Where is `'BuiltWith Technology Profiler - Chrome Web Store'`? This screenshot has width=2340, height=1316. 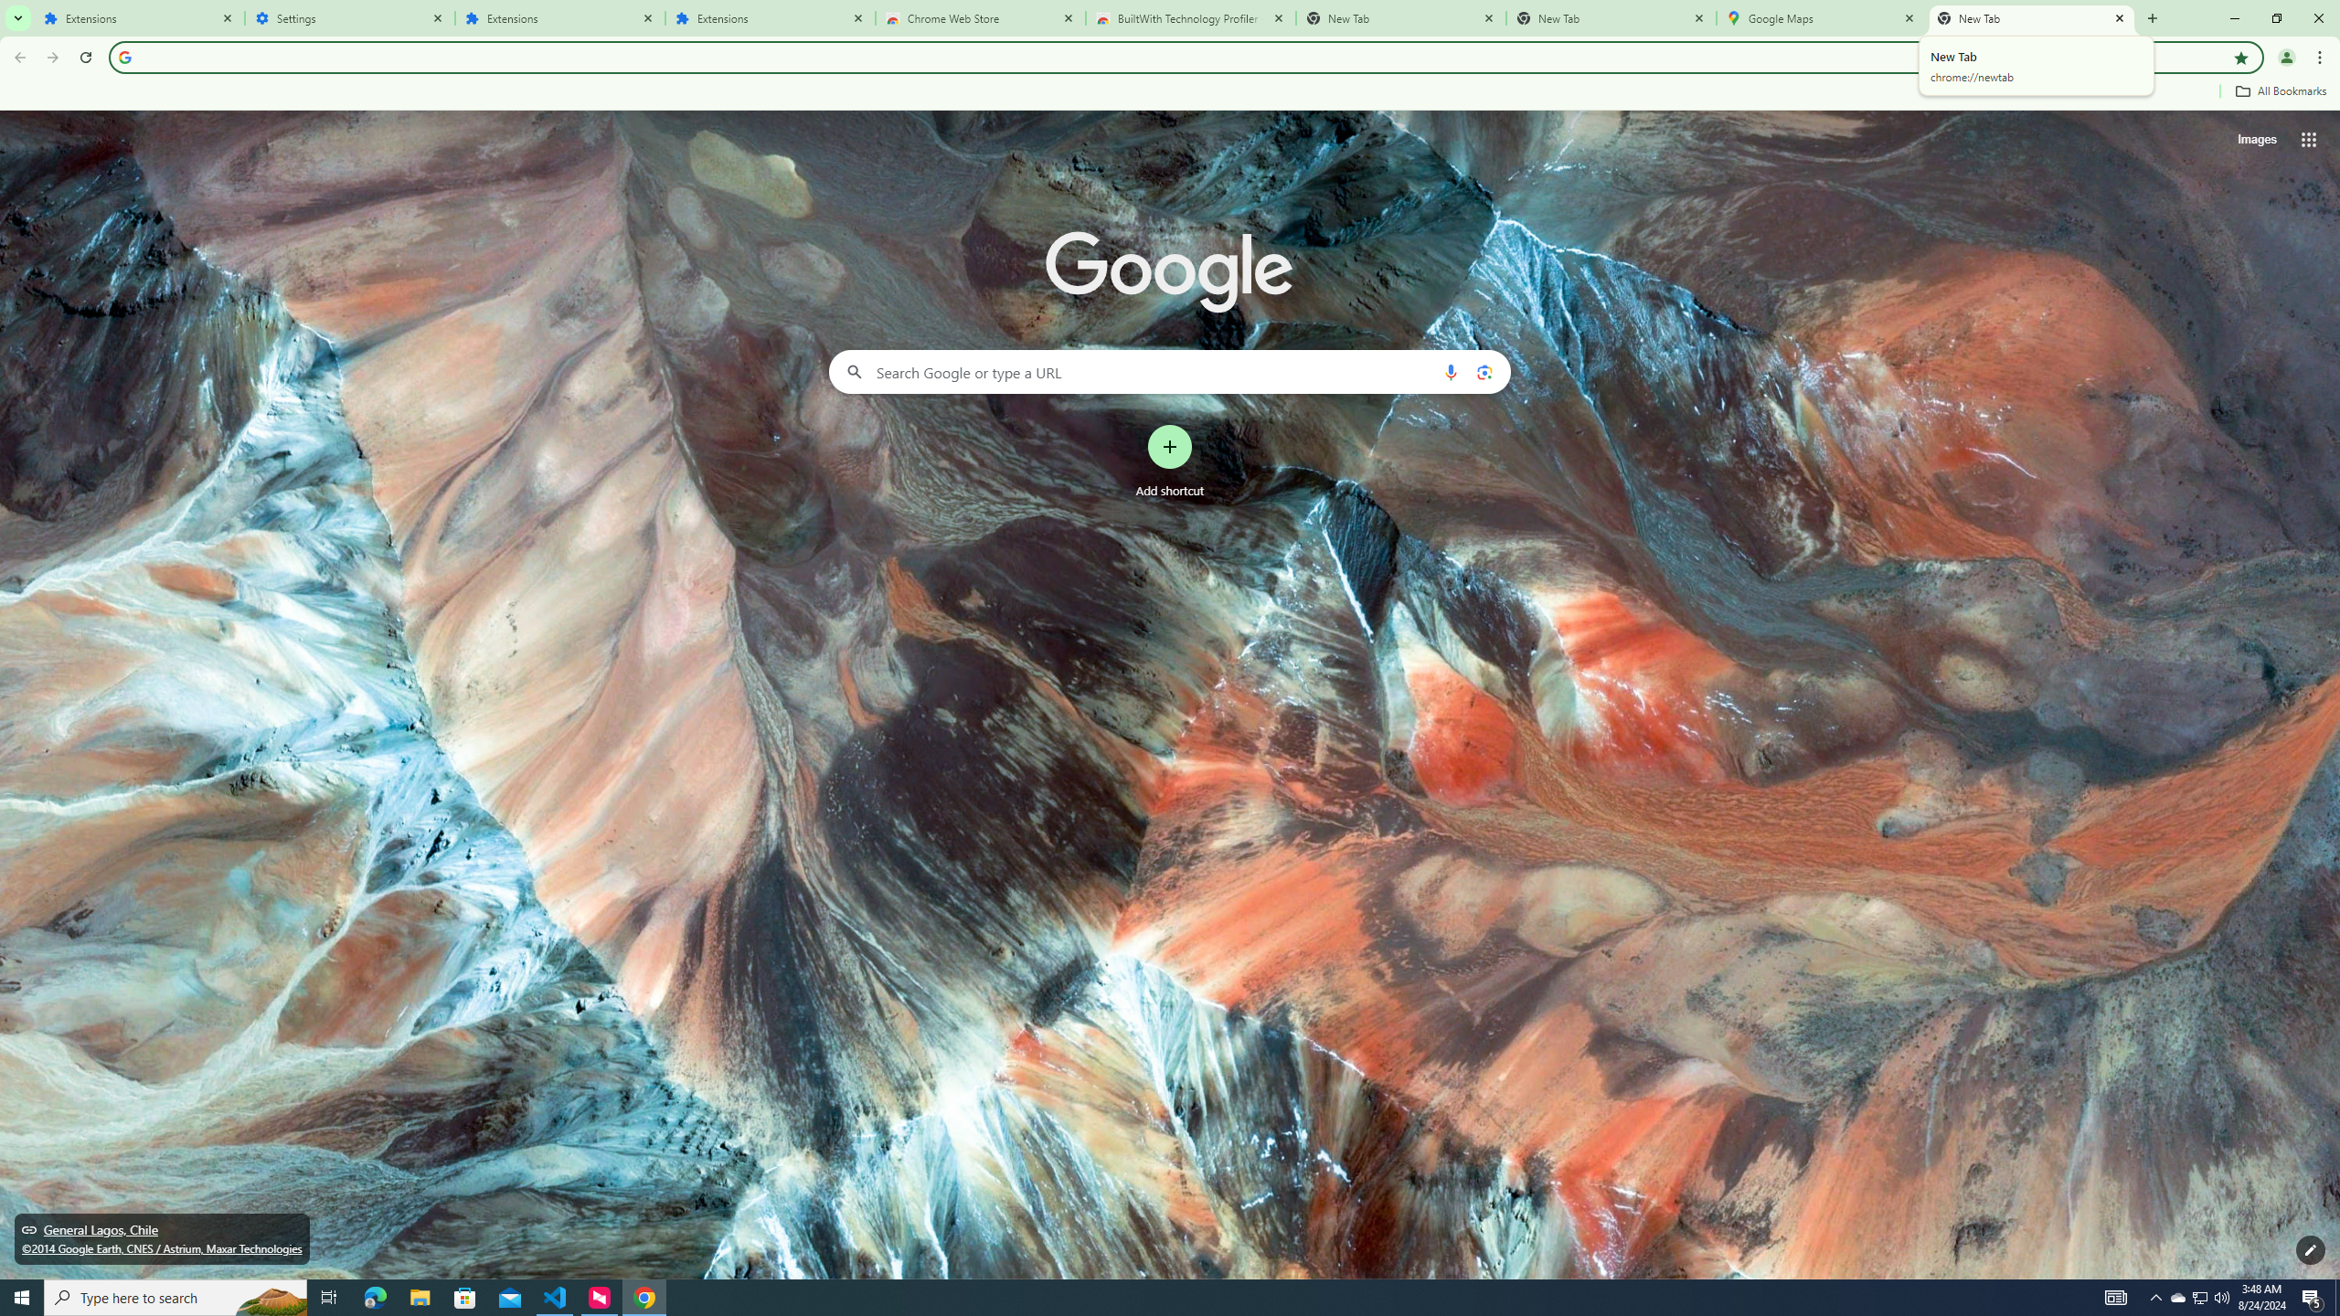
'BuiltWith Technology Profiler - Chrome Web Store' is located at coordinates (1191, 17).